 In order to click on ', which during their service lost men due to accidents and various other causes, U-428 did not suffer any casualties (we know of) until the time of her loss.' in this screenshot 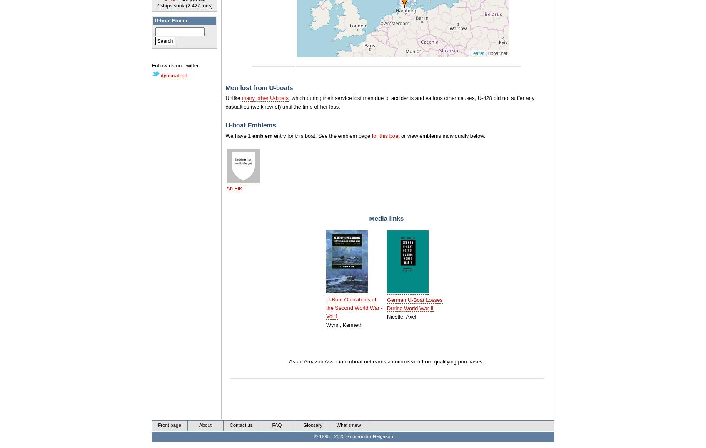, I will do `click(379, 102)`.